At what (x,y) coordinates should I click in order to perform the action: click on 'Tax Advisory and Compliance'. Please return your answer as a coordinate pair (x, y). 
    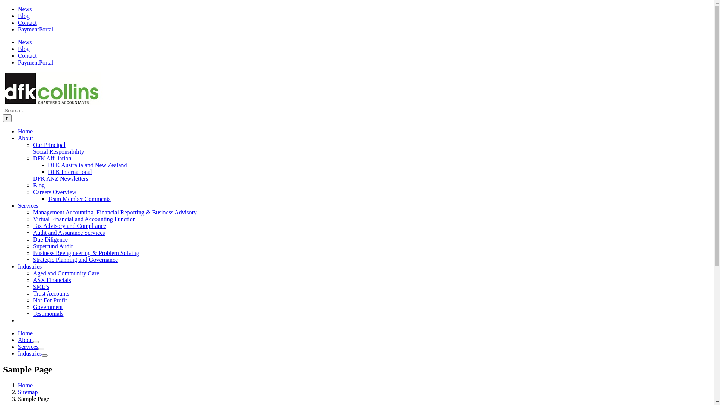
    Looking at the image, I should click on (32, 225).